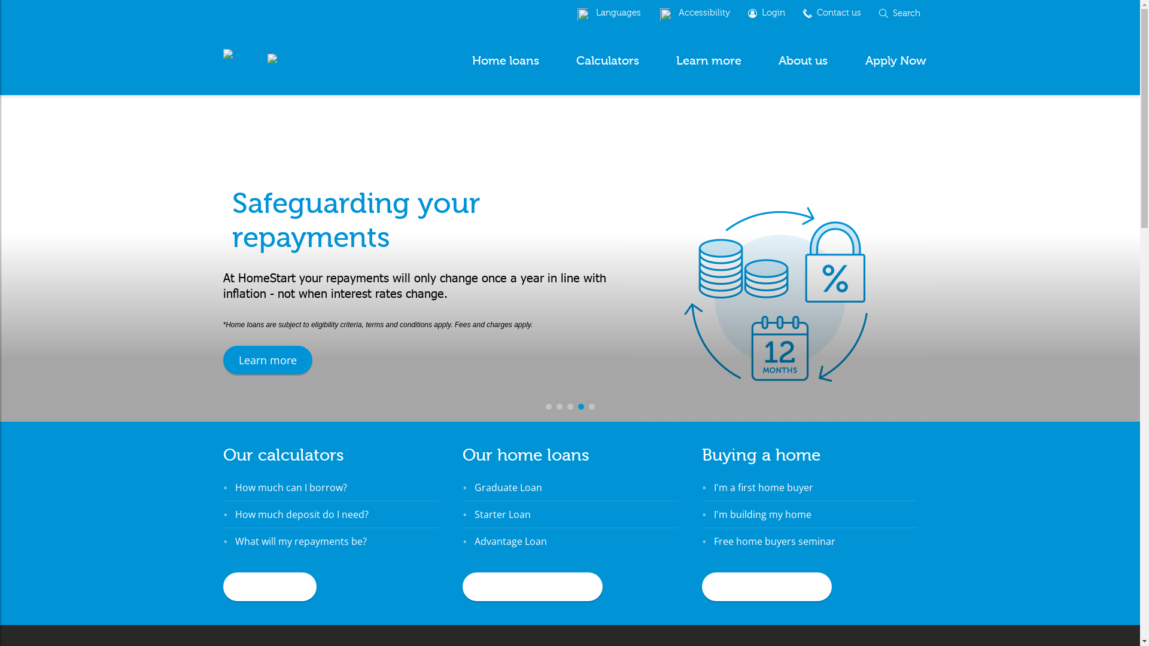  Describe the element at coordinates (766, 586) in the screenshot. I see `'Home buyers guide'` at that location.